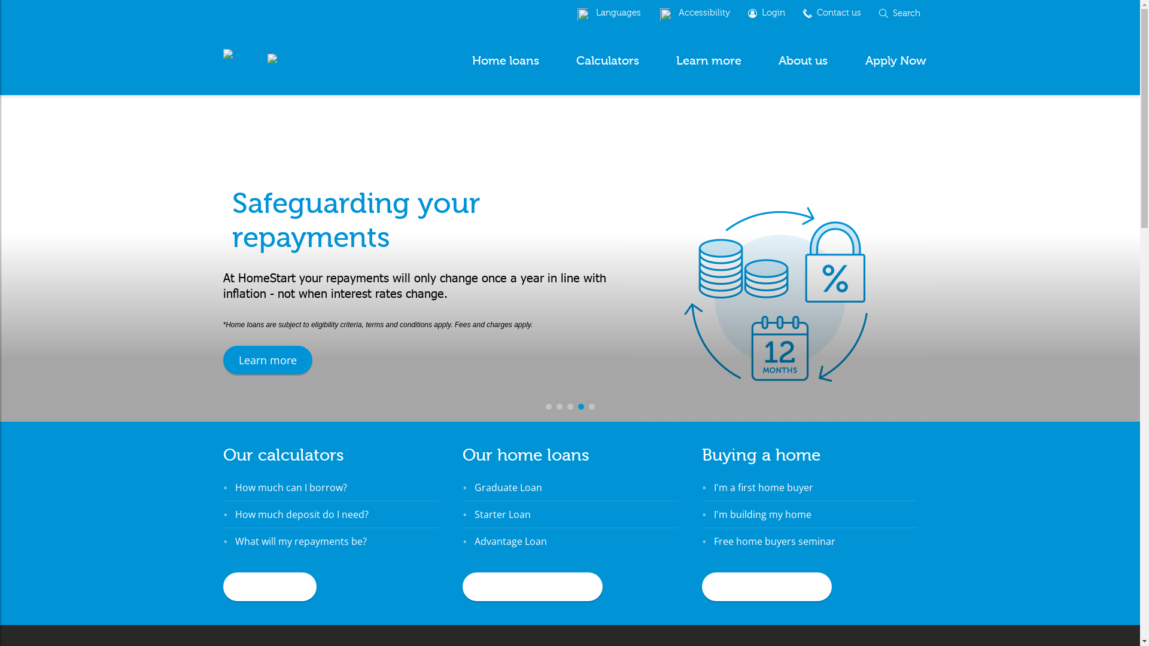  Describe the element at coordinates (766, 586) in the screenshot. I see `'Home buyers guide'` at that location.